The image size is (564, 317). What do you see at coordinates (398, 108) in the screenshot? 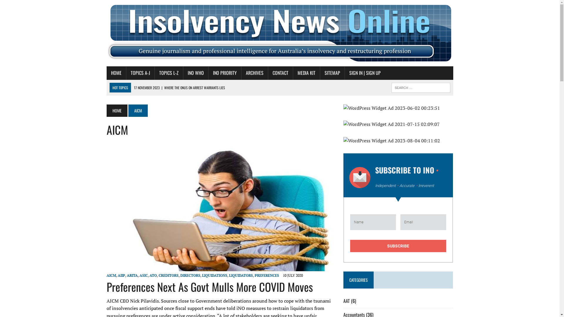
I see `'WordPress Widget Ad 2023-06-02 00:23:51'` at bounding box center [398, 108].